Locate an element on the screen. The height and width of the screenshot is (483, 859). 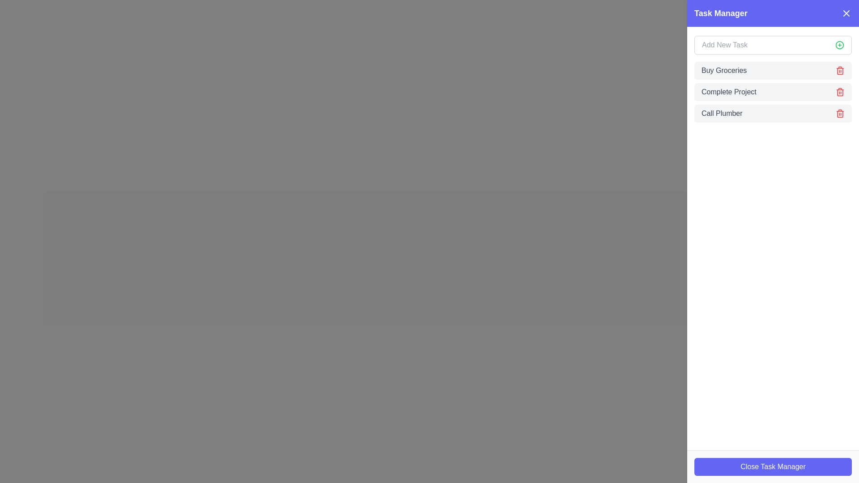
the Close icon located is located at coordinates (846, 13).